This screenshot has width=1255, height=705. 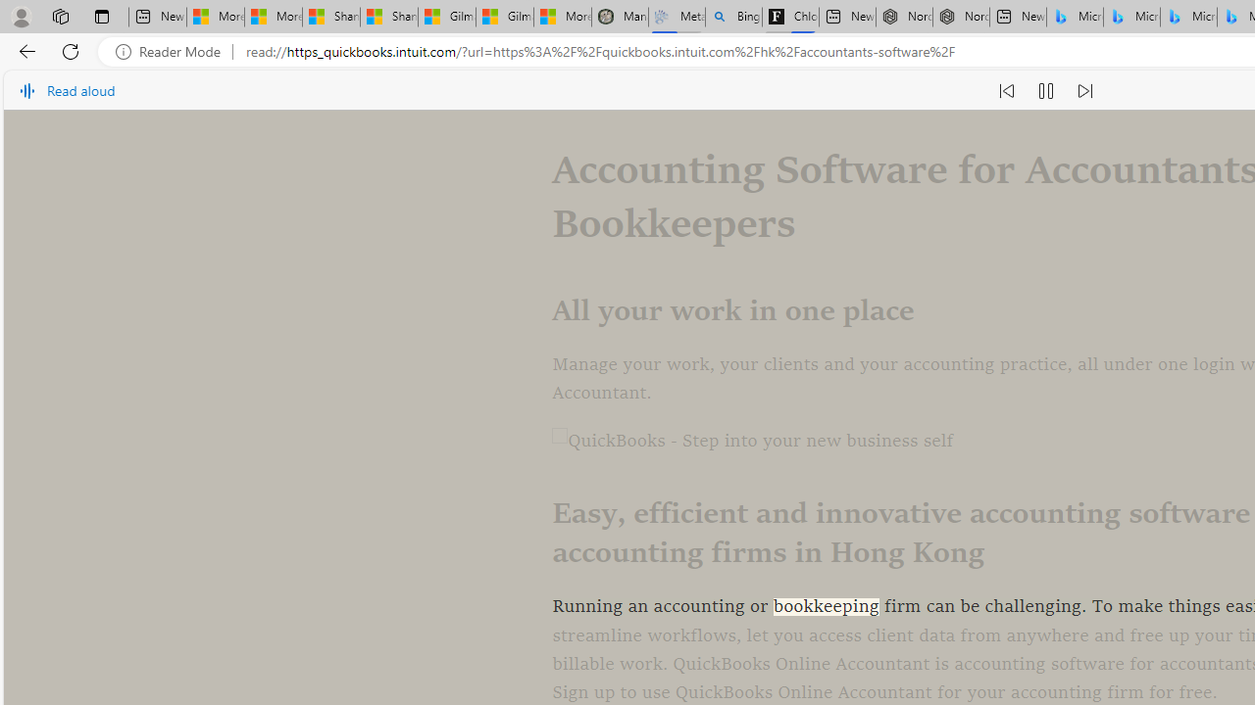 What do you see at coordinates (790, 17) in the screenshot?
I see `'Chloe Sorvino'` at bounding box center [790, 17].